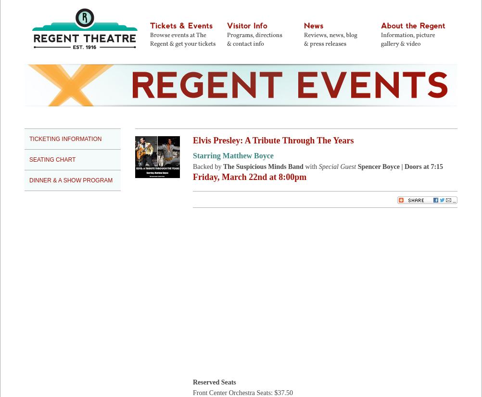 The width and height of the screenshot is (482, 397). I want to click on 'Friday, March 22nd at 8:00pm', so click(250, 177).